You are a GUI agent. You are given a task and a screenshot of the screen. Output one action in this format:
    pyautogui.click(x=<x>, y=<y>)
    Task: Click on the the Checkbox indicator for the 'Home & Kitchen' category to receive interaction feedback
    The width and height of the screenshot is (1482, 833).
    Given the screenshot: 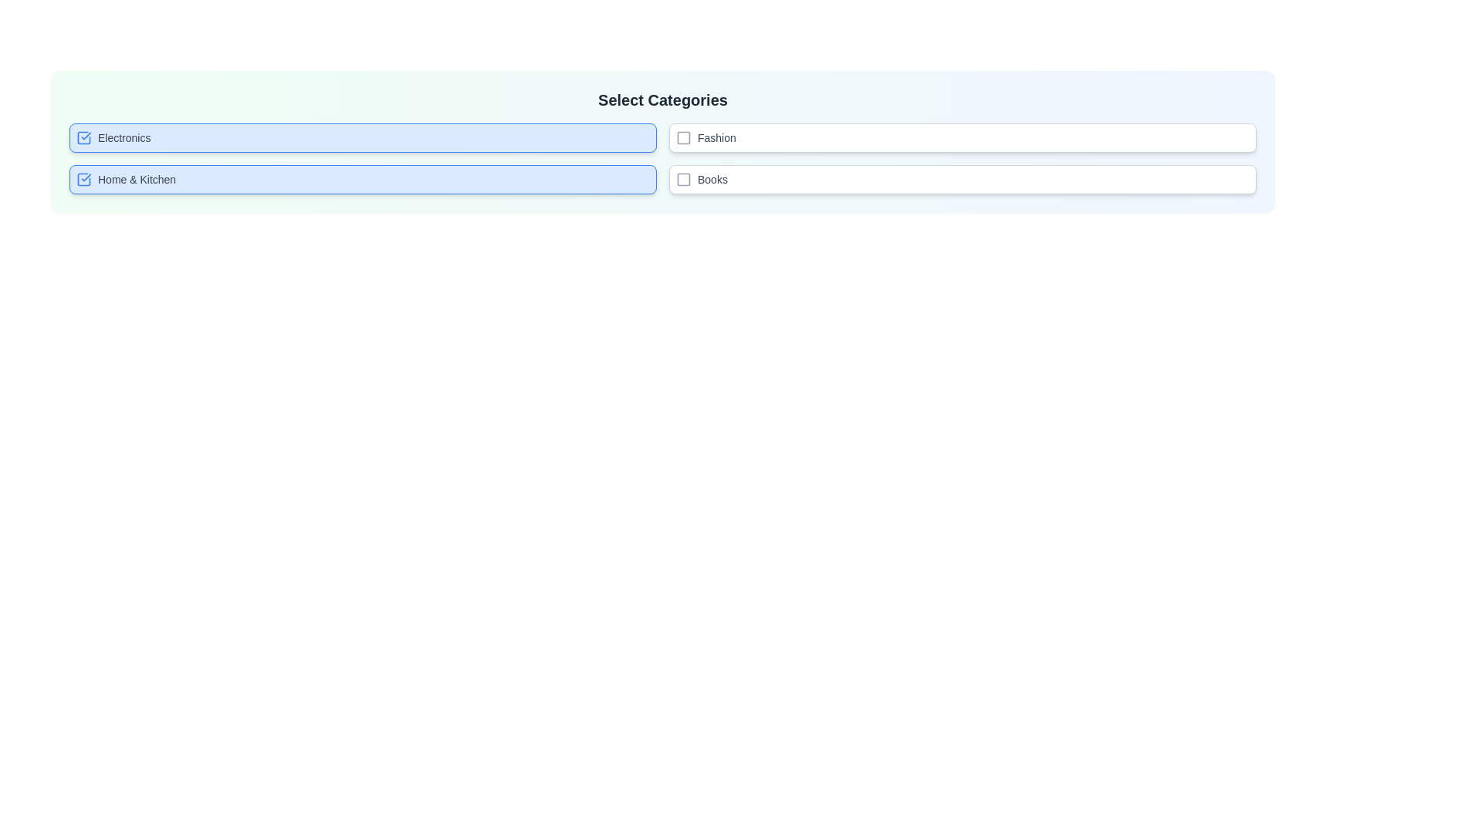 What is the action you would take?
    pyautogui.click(x=83, y=178)
    